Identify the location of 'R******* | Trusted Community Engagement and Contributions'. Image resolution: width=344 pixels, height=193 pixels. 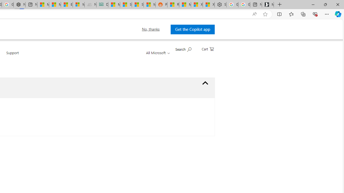
(173, 5).